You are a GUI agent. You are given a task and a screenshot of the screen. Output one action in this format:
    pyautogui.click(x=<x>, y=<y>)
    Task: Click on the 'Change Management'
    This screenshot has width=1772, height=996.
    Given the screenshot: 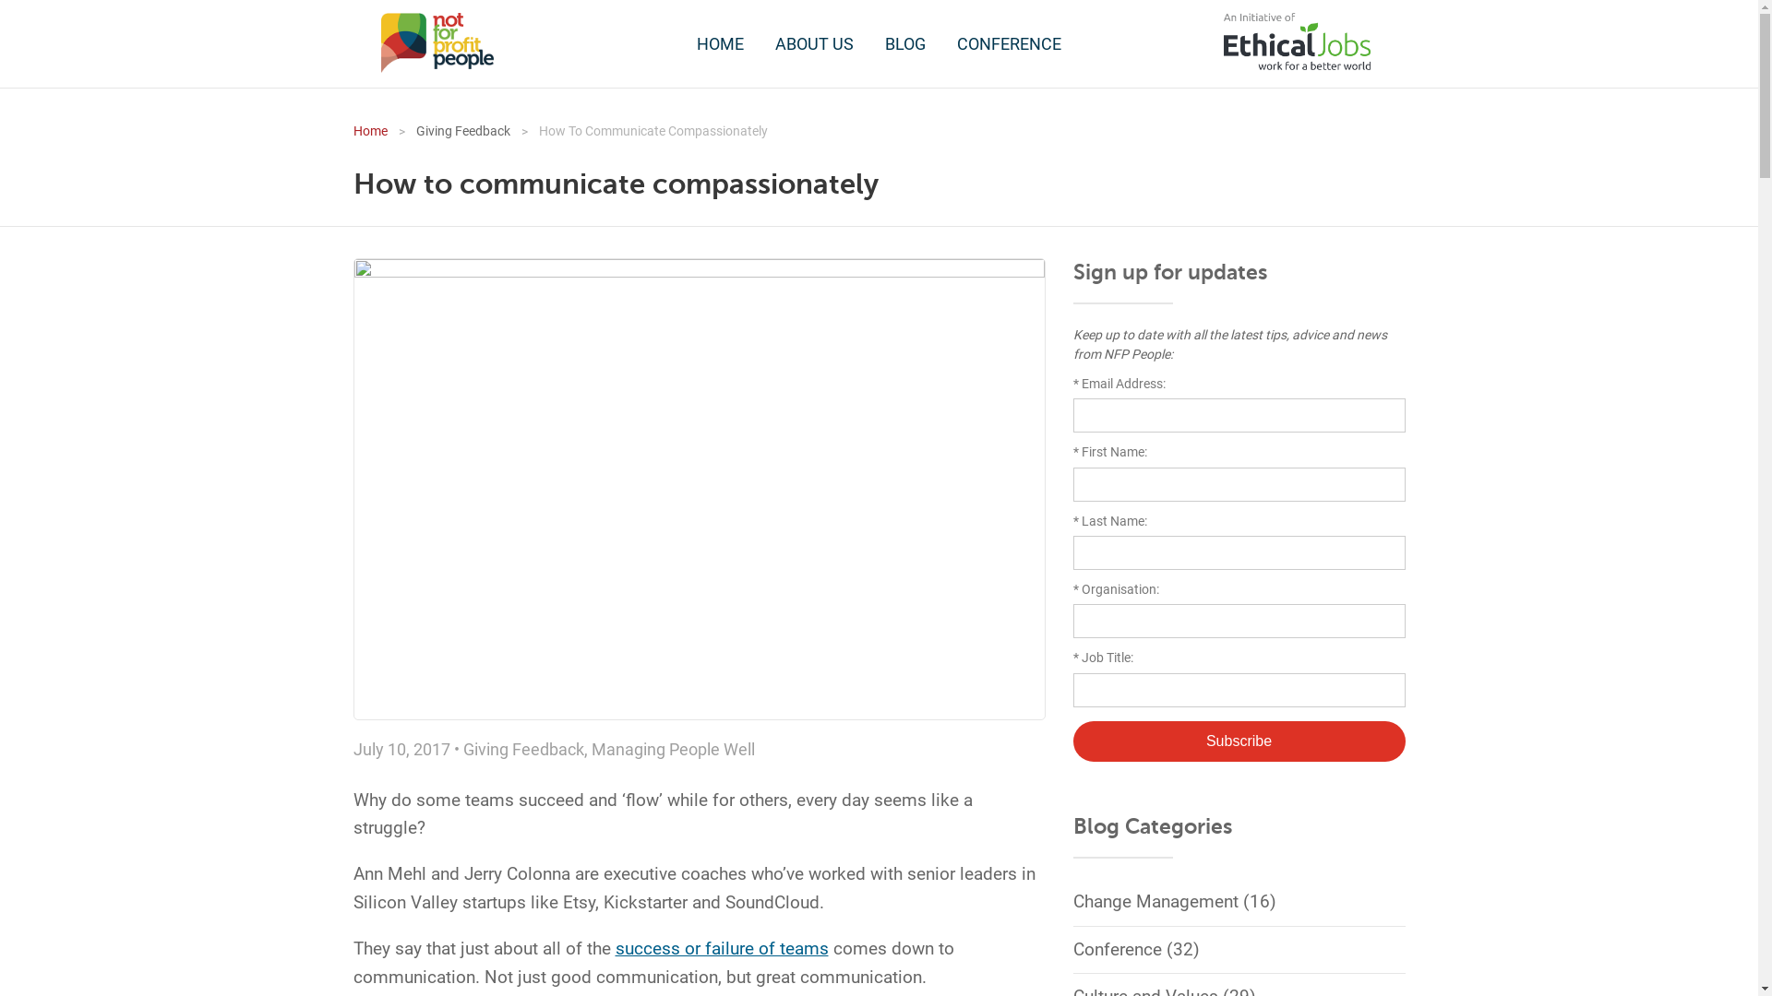 What is the action you would take?
    pyautogui.click(x=1154, y=900)
    